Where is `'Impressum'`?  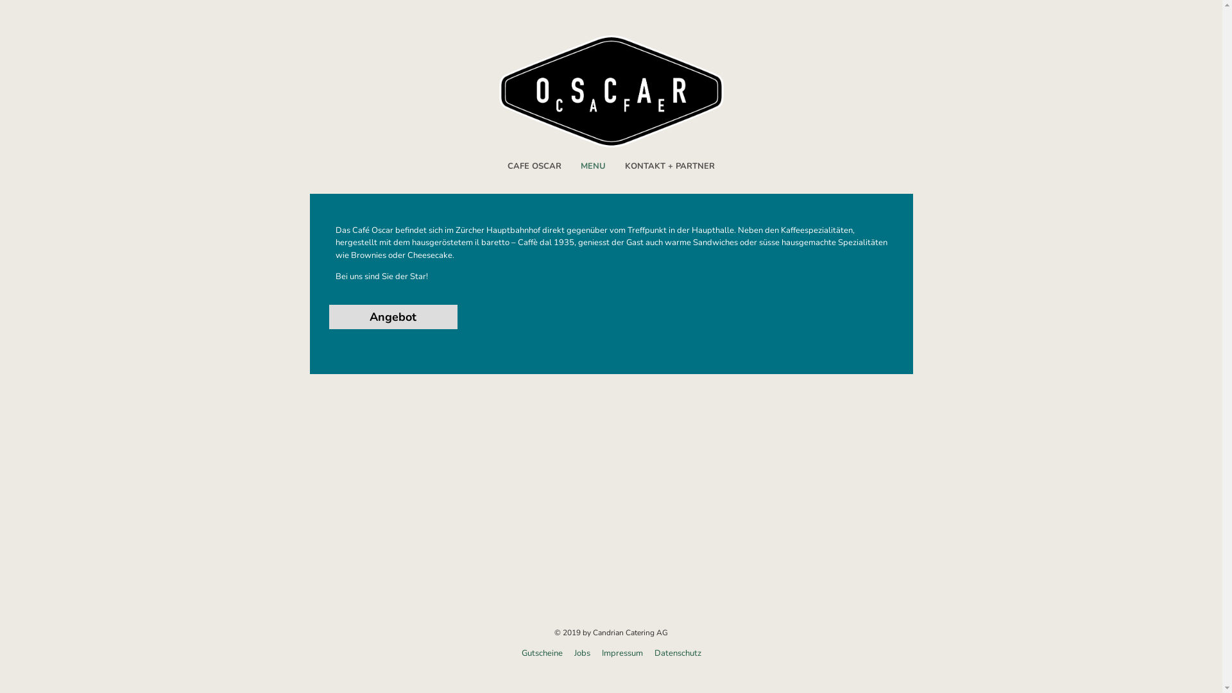 'Impressum' is located at coordinates (617, 653).